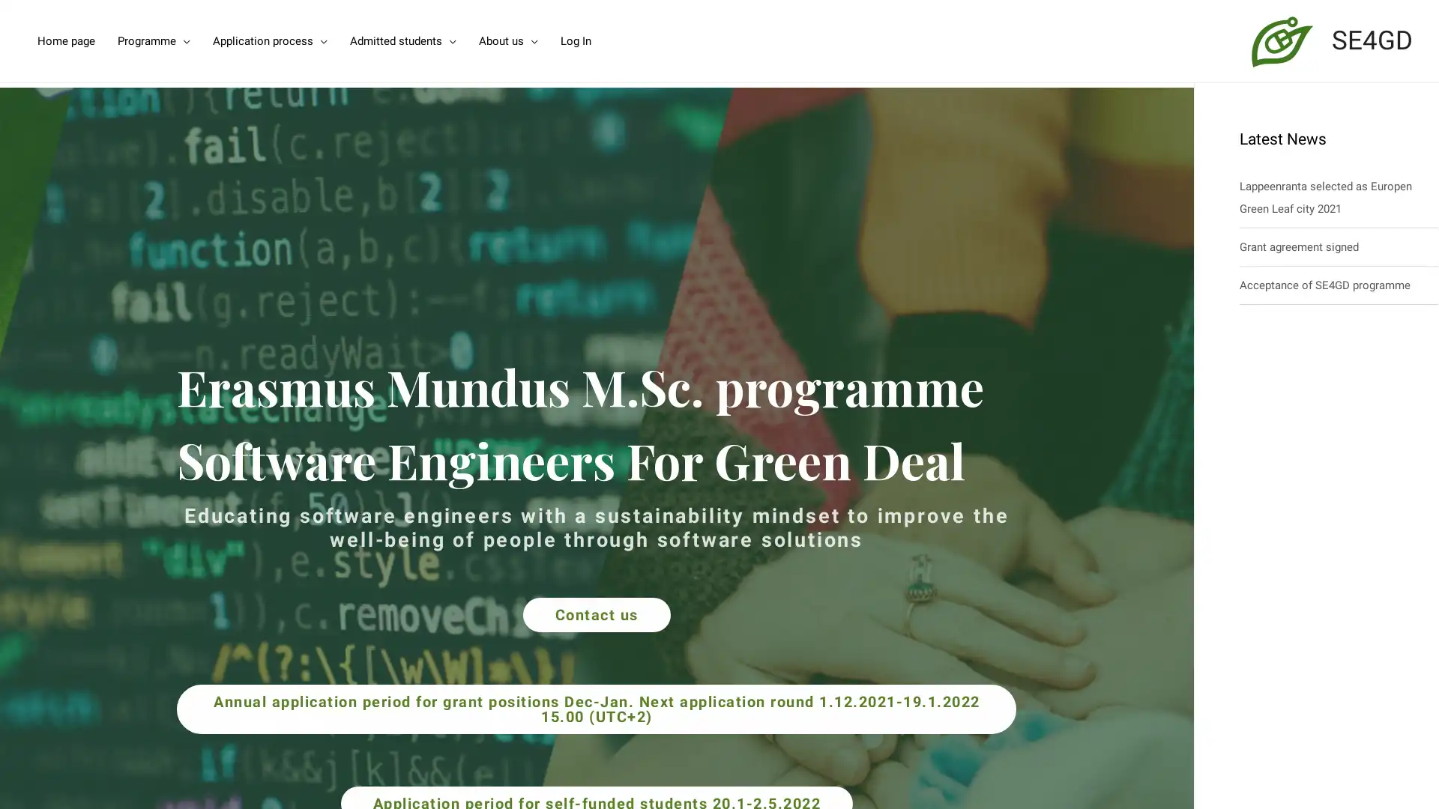 The height and width of the screenshot is (809, 1439). Describe the element at coordinates (595, 614) in the screenshot. I see `Contact us` at that location.